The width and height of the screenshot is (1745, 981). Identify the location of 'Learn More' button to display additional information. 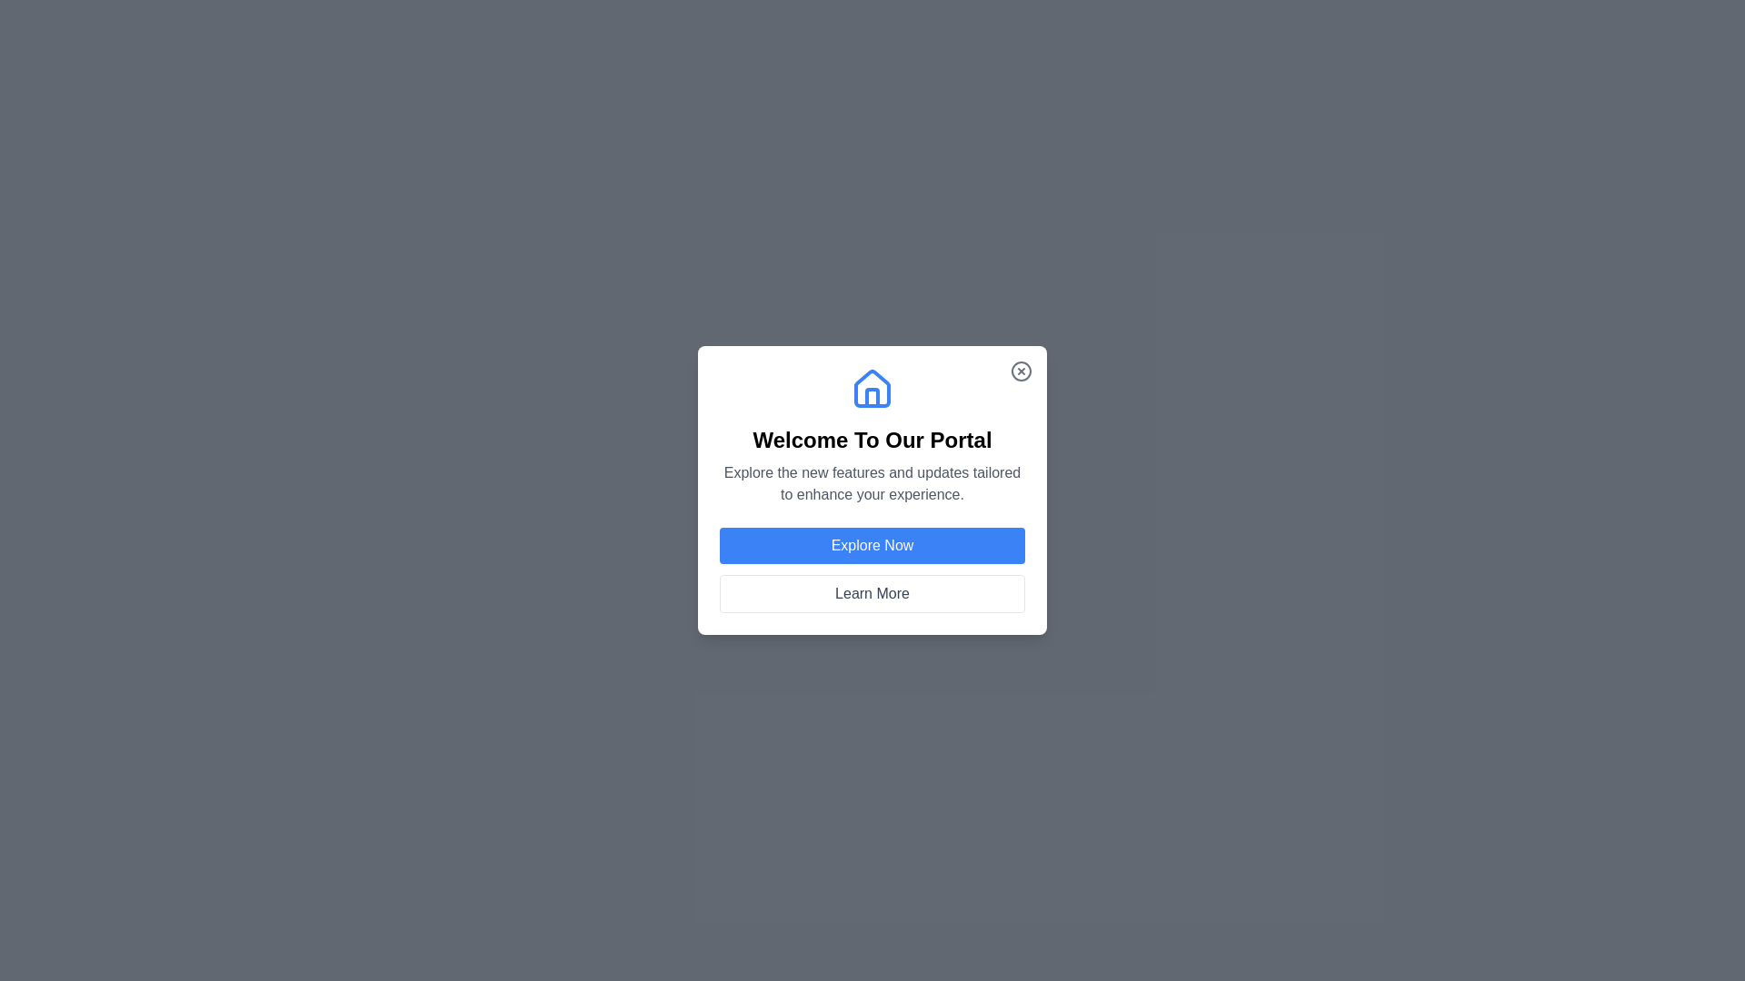
(872, 594).